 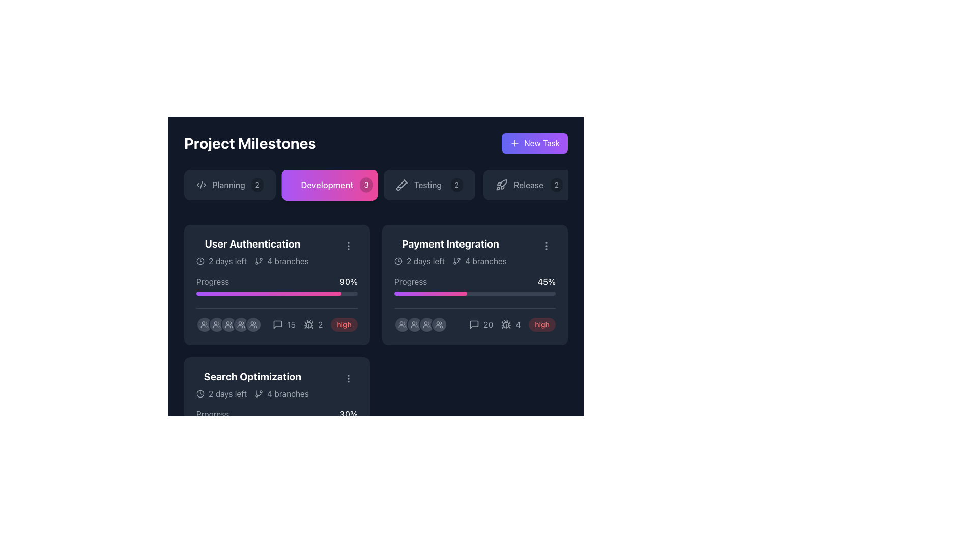 What do you see at coordinates (480, 325) in the screenshot?
I see `the text label displaying the number '20' in gray, located to the right of a chat bubble icon within the 'Payment Integration' card` at bounding box center [480, 325].